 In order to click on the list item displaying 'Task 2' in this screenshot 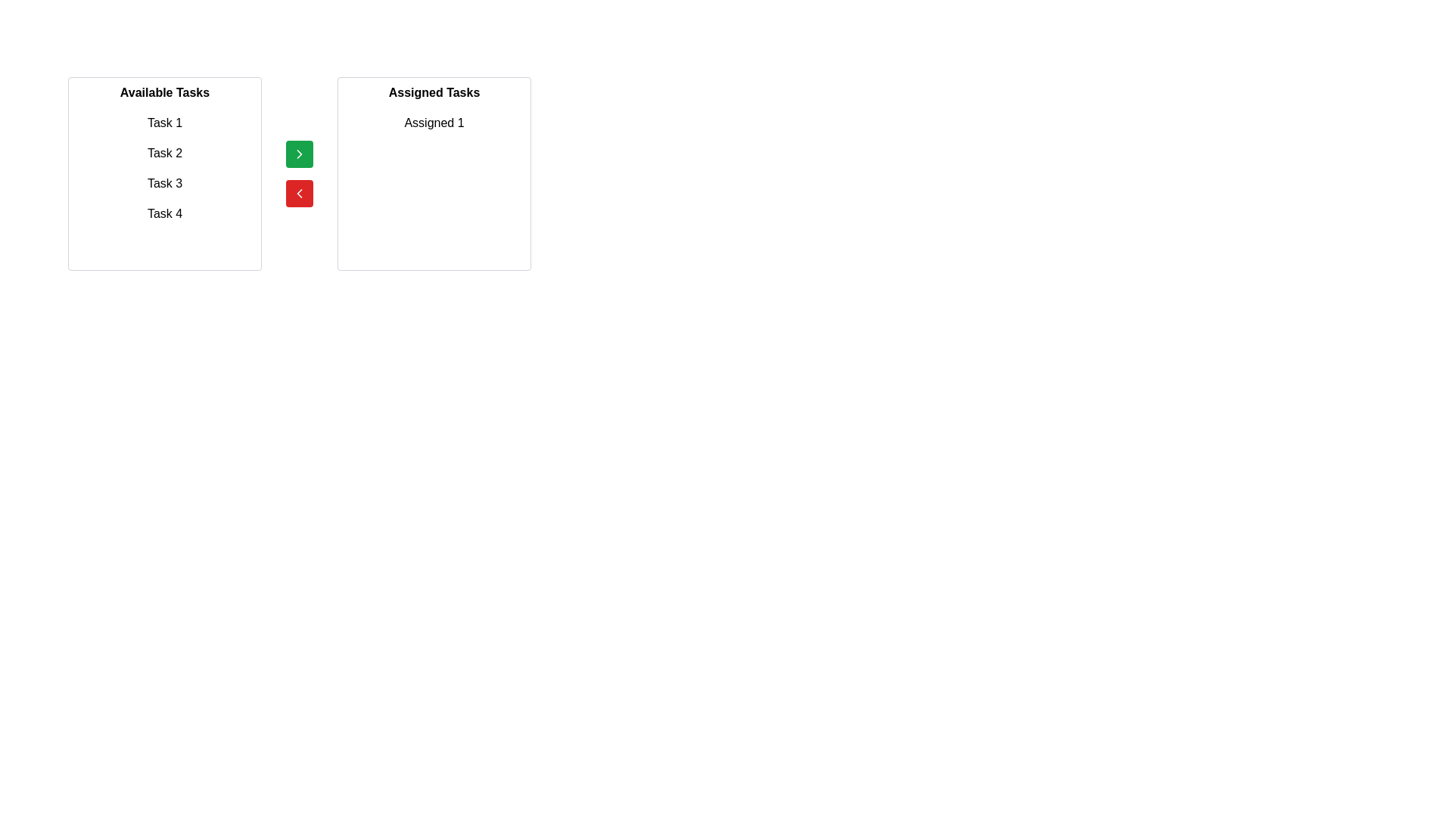, I will do `click(164, 154)`.